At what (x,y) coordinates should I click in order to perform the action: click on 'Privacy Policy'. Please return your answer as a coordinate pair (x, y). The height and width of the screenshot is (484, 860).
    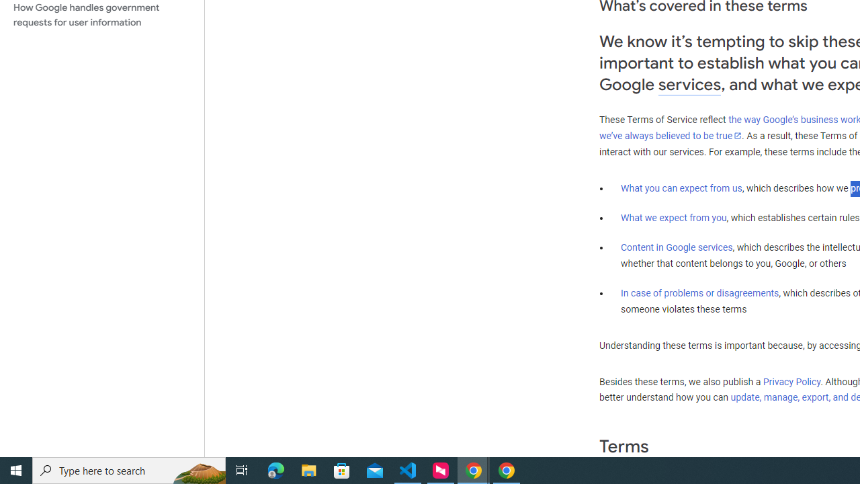
    Looking at the image, I should click on (791, 381).